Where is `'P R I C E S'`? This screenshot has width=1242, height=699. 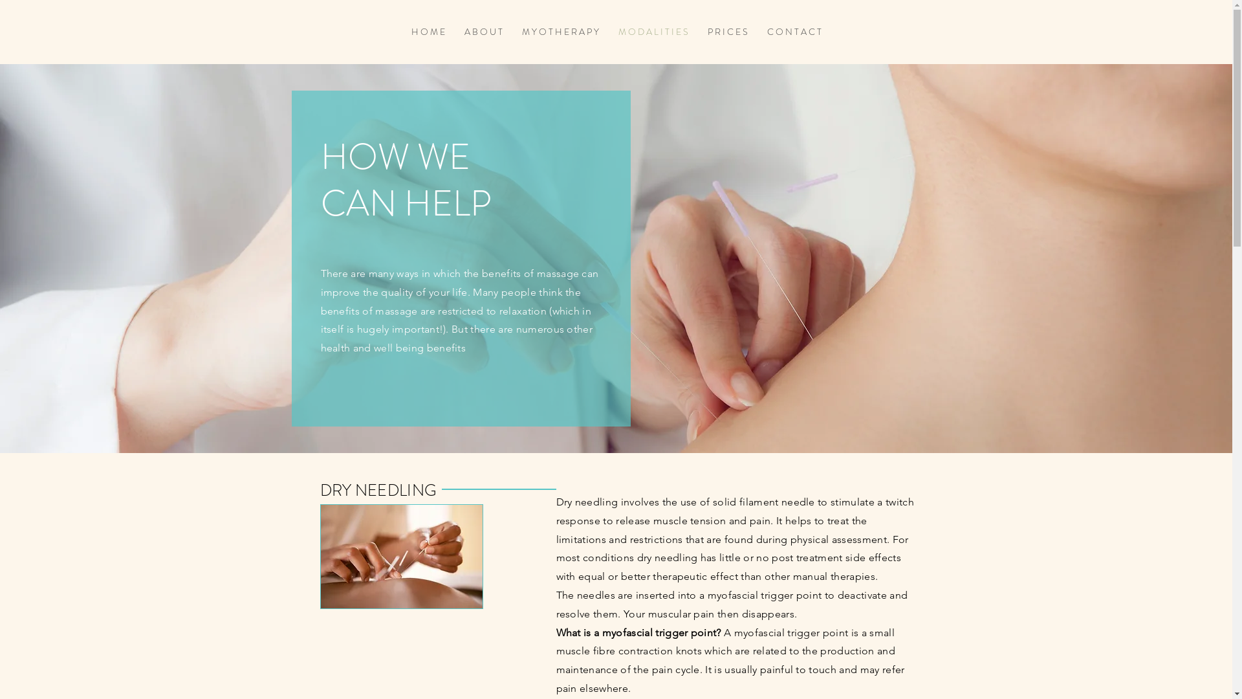 'P R I C E S' is located at coordinates (726, 31).